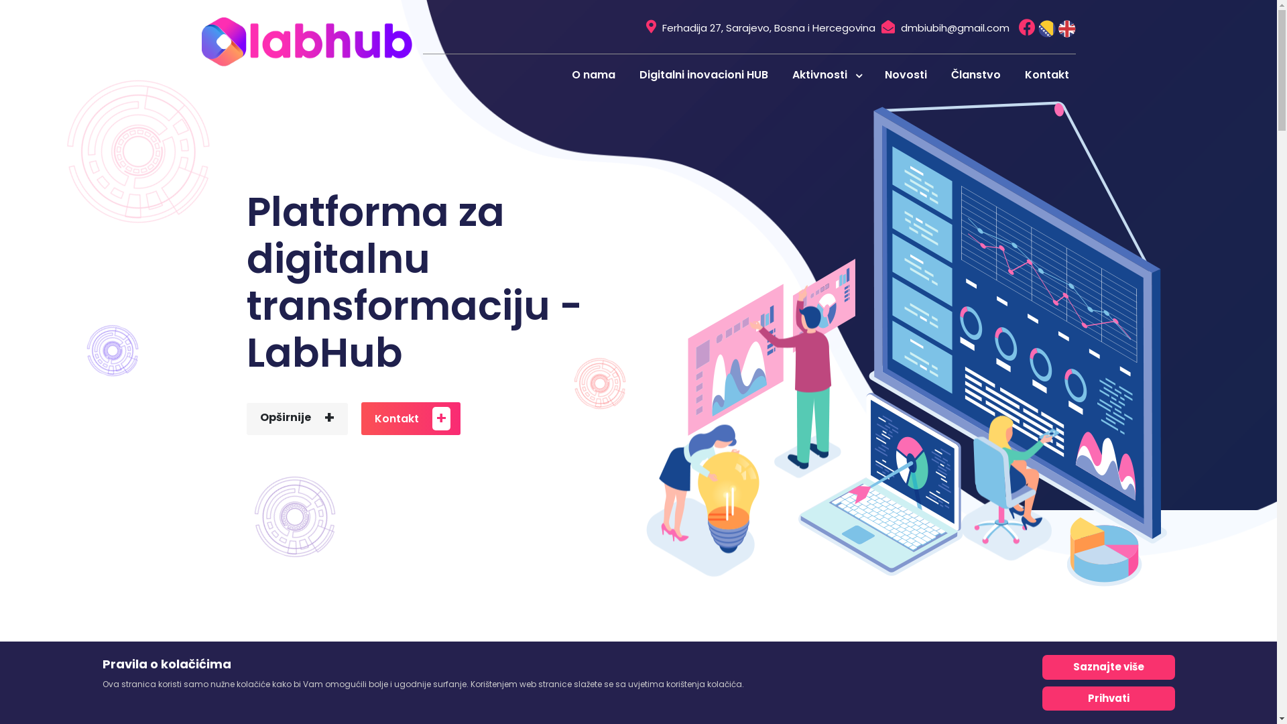 The image size is (1287, 724). I want to click on 'O nama', so click(592, 74).